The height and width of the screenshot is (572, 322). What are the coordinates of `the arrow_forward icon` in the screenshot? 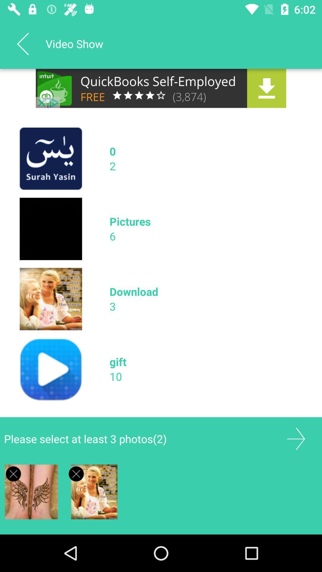 It's located at (296, 439).